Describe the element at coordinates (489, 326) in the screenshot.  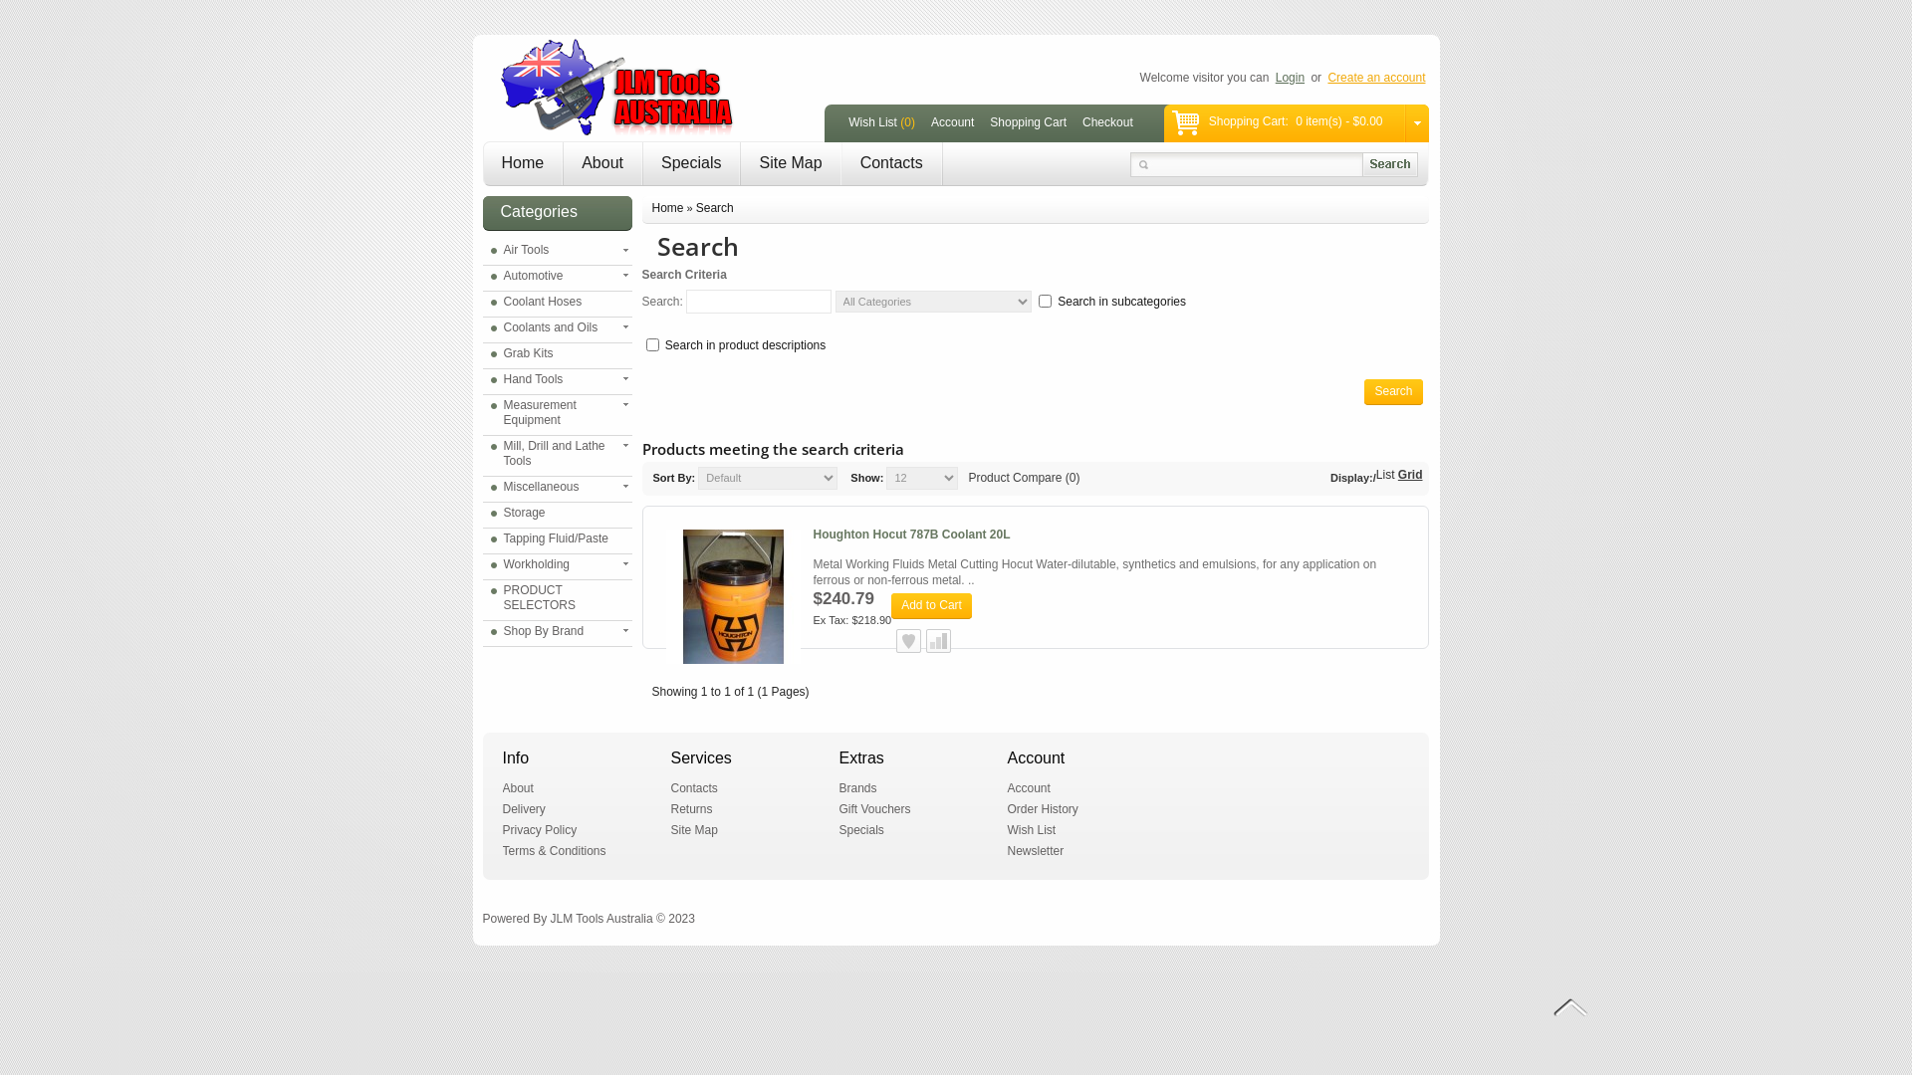
I see `'Coolants and Oils'` at that location.